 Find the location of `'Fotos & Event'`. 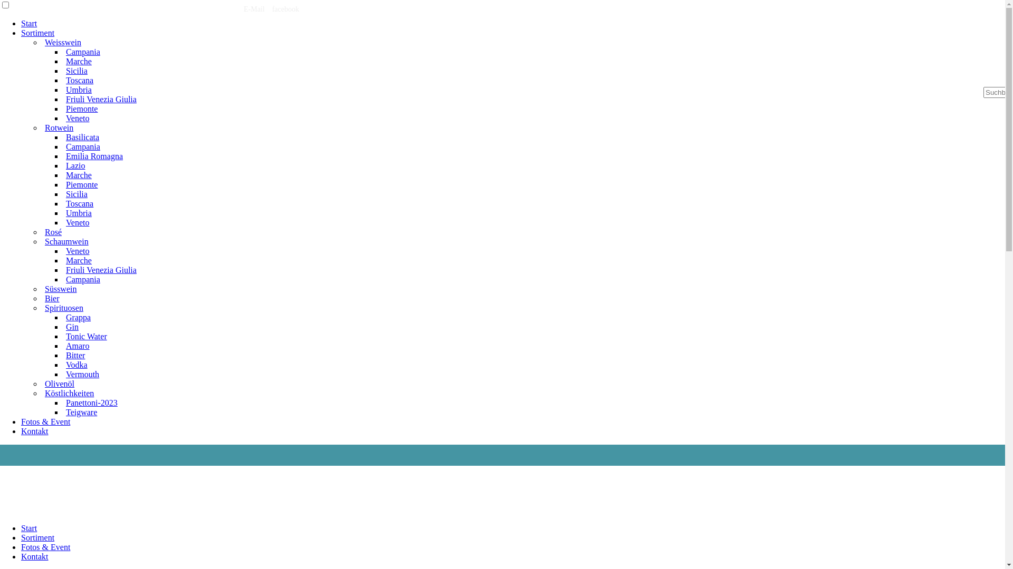

'Fotos & Event' is located at coordinates (21, 546).